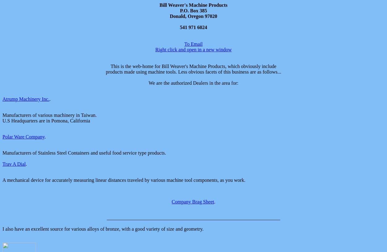 Image resolution: width=387 pixels, height=252 pixels. Describe the element at coordinates (193, 5) in the screenshot. I see `'Bill Weaver's Machine Products'` at that location.